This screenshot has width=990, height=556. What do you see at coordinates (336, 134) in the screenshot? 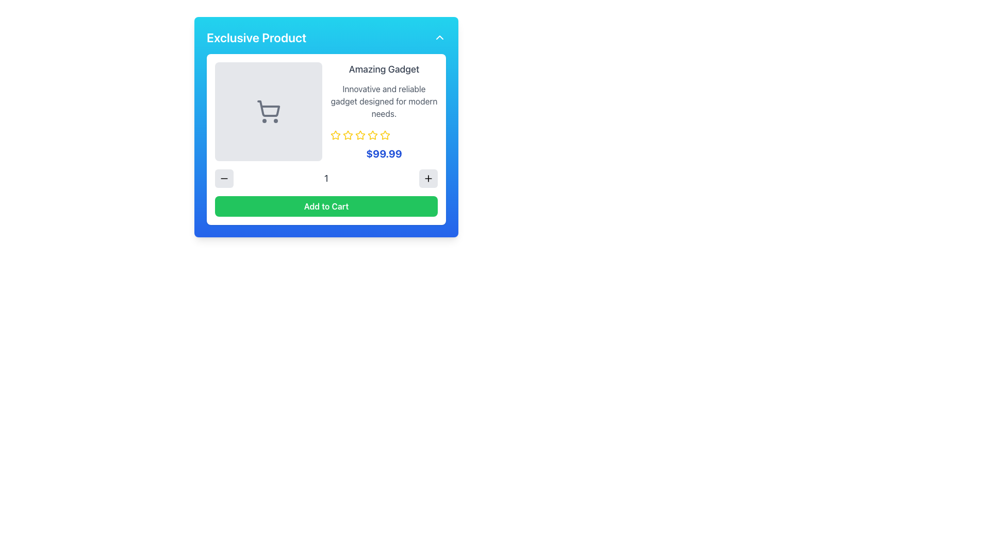
I see `the first star-shaped icon in the rating system of the 'Exclusive Product' card, which is a vibrant yellow, filled star located at the center of the product description` at bounding box center [336, 134].